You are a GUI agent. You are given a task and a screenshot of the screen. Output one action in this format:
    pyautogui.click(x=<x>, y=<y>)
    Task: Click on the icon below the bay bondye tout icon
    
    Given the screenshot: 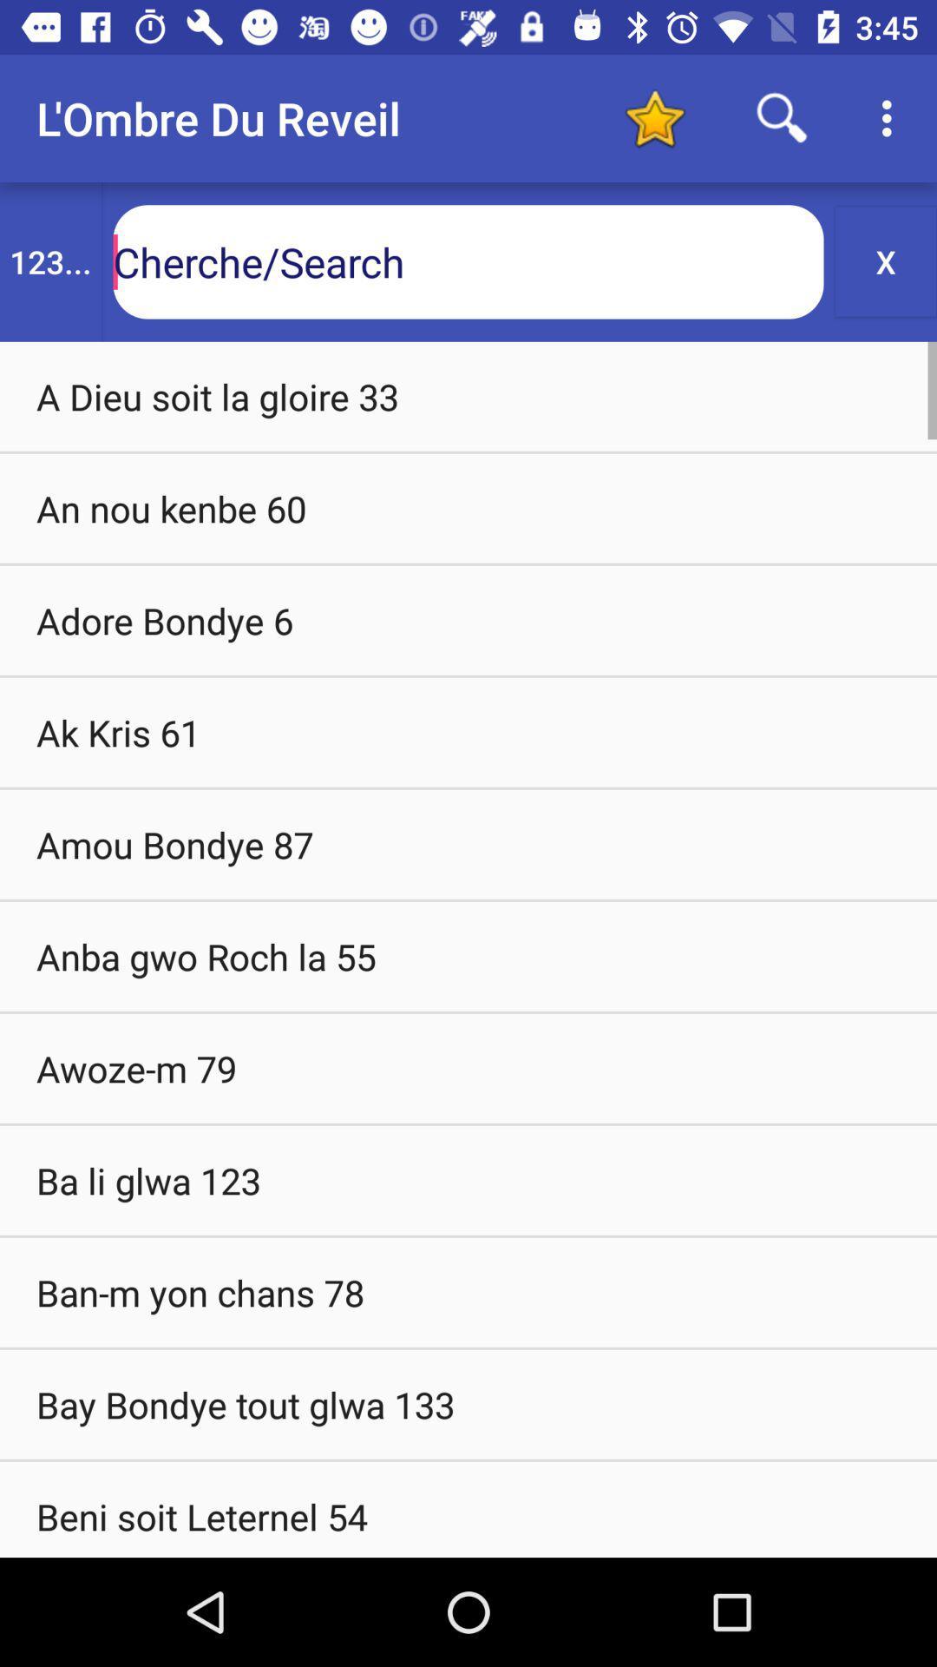 What is the action you would take?
    pyautogui.click(x=468, y=1508)
    